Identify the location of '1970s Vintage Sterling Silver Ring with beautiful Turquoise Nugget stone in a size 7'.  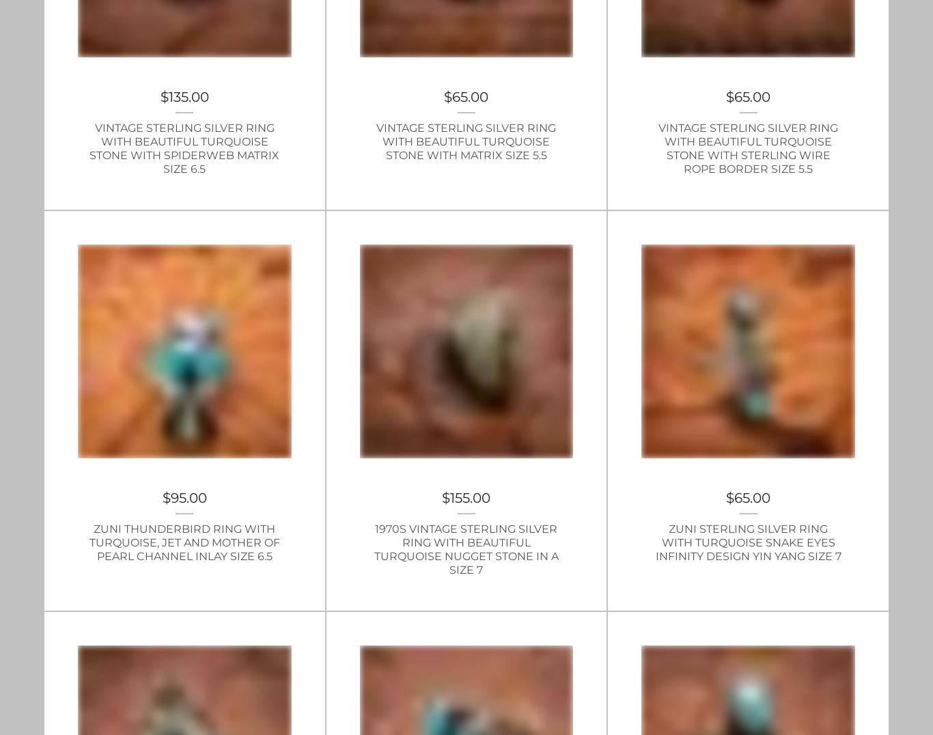
(465, 549).